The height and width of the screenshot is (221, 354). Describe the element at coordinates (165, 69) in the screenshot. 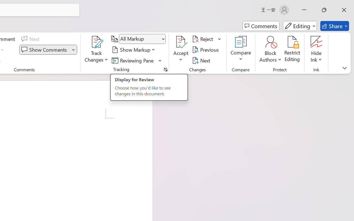

I see `'Change Tracking Options...'` at that location.